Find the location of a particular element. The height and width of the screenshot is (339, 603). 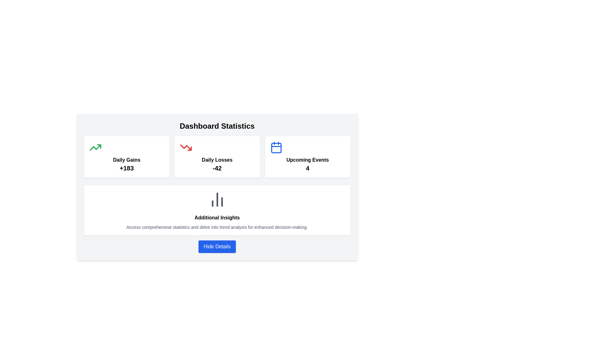

the rectangle with rounded corners and white fill inside a blue border, located centrally within the calendar icon in the 'Upcoming Events' section of the dashboard is located at coordinates (276, 148).